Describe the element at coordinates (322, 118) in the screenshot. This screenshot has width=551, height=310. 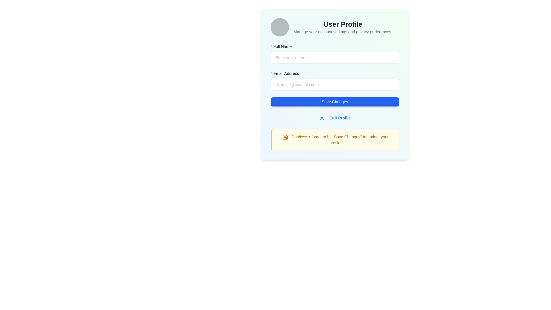
I see `the user icon, which is a blue circular head above a semicircular body outline, located to the left of the 'Edit Profile' text` at that location.